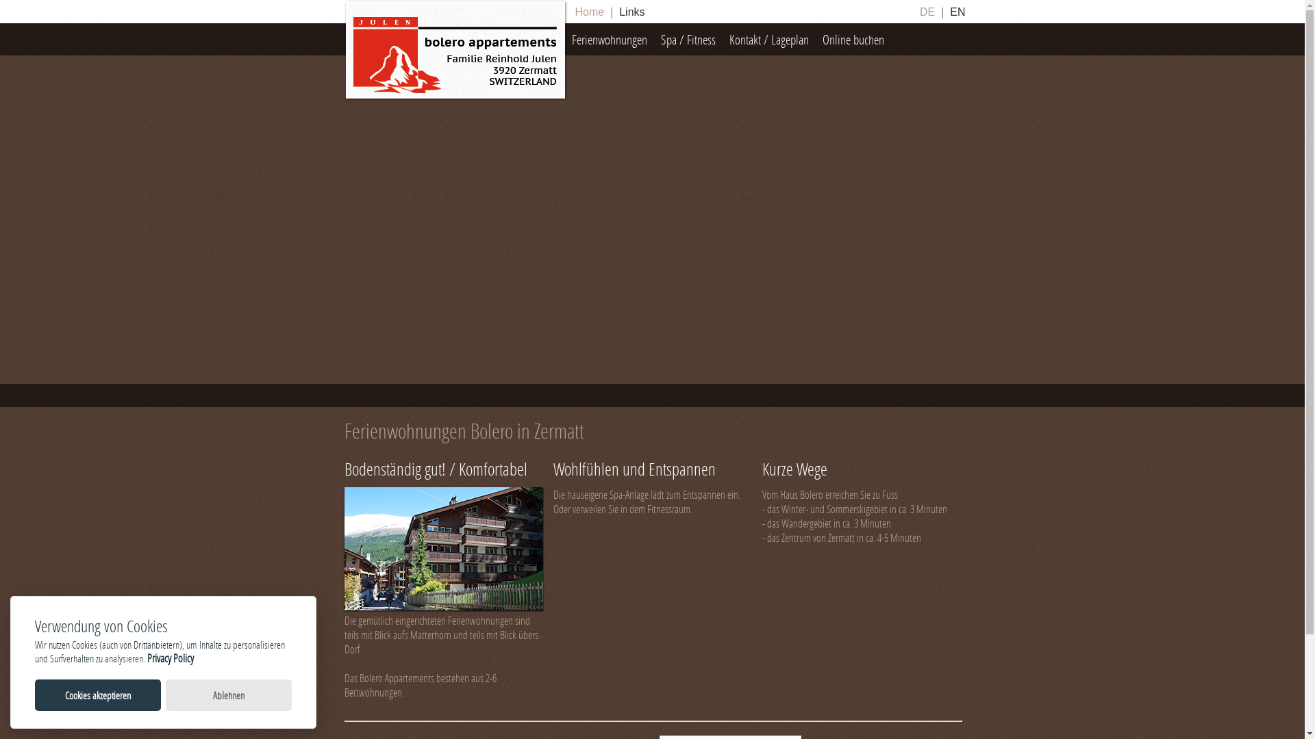 Image resolution: width=1315 pixels, height=739 pixels. I want to click on 'EN', so click(946, 12).